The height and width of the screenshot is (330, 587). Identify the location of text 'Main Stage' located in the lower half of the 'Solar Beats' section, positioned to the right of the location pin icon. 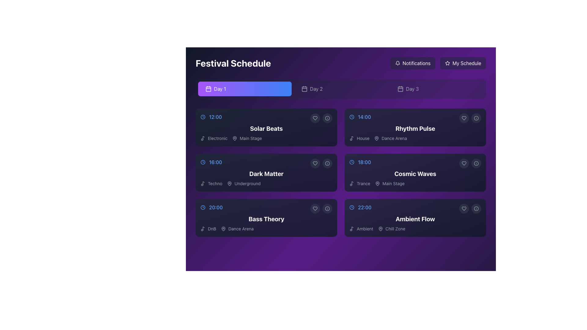
(247, 138).